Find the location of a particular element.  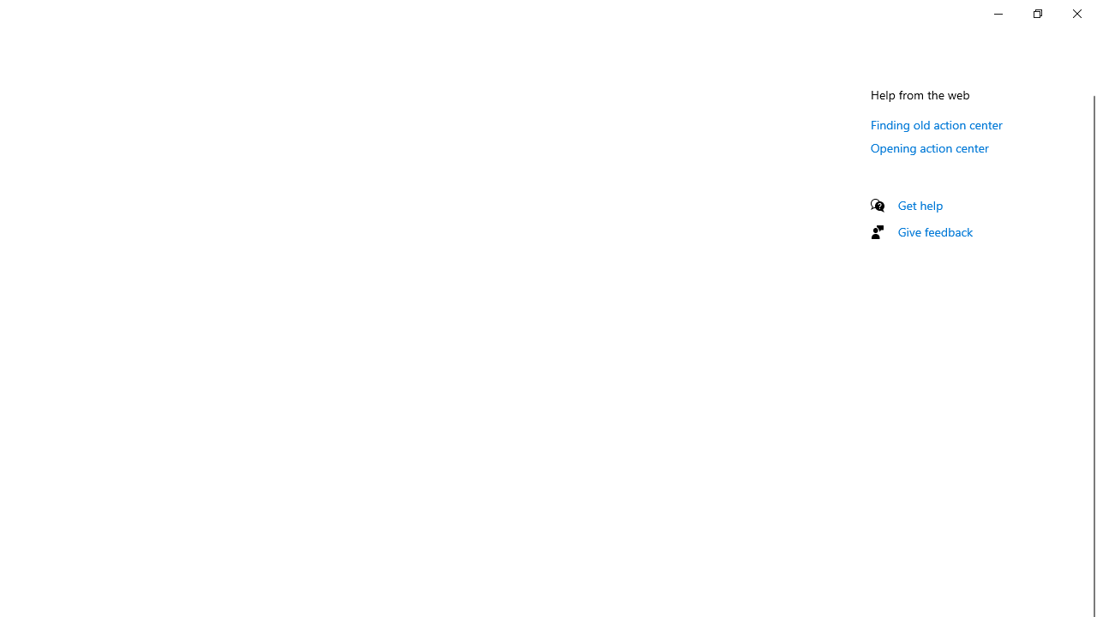

'Get help' is located at coordinates (920, 204).